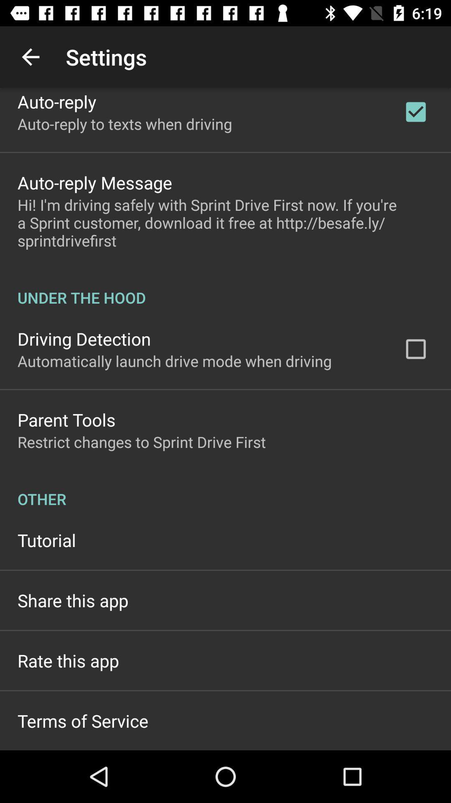 Image resolution: width=451 pixels, height=803 pixels. Describe the element at coordinates (141, 441) in the screenshot. I see `icon below parent tools` at that location.